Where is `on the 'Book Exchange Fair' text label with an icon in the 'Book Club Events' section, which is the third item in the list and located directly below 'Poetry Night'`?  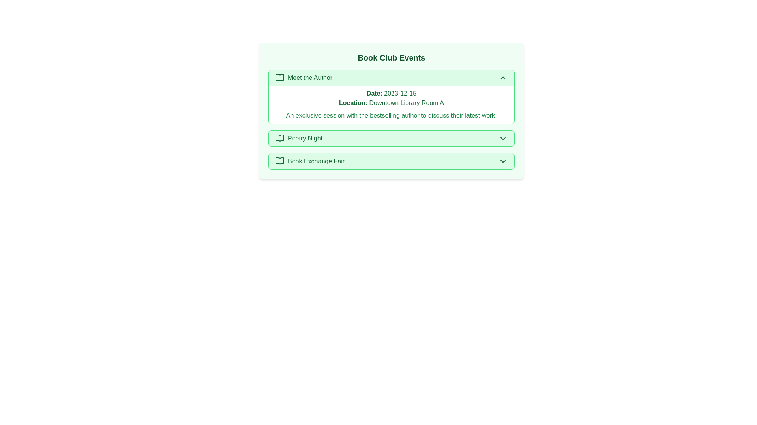
on the 'Book Exchange Fair' text label with an icon in the 'Book Club Events' section, which is the third item in the list and located directly below 'Poetry Night' is located at coordinates (310, 161).